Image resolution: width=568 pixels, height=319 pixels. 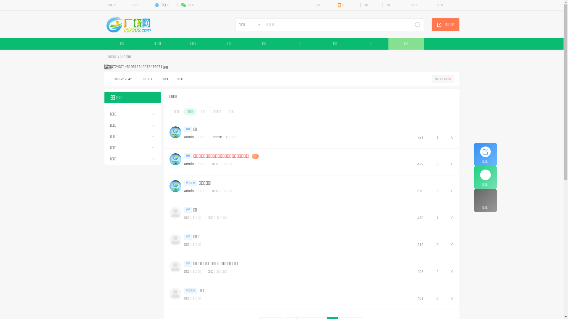 I want to click on '0', so click(x=450, y=298).